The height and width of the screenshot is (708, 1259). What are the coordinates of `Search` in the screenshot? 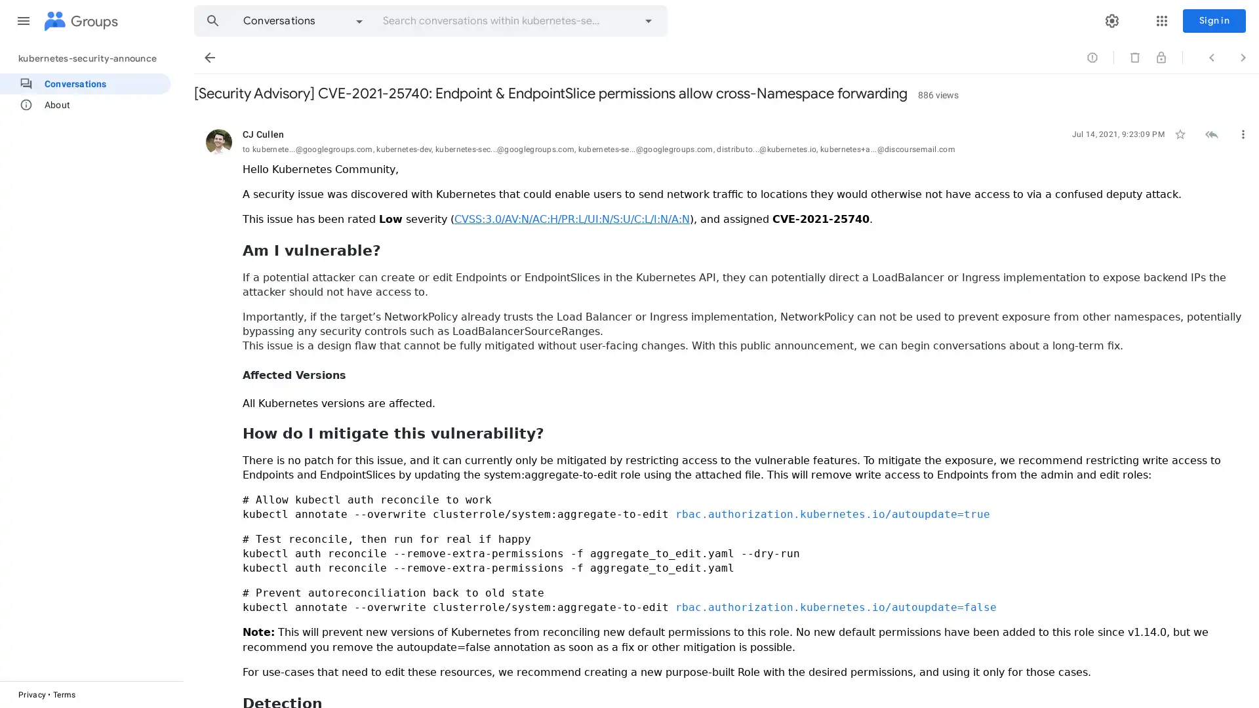 It's located at (213, 20).